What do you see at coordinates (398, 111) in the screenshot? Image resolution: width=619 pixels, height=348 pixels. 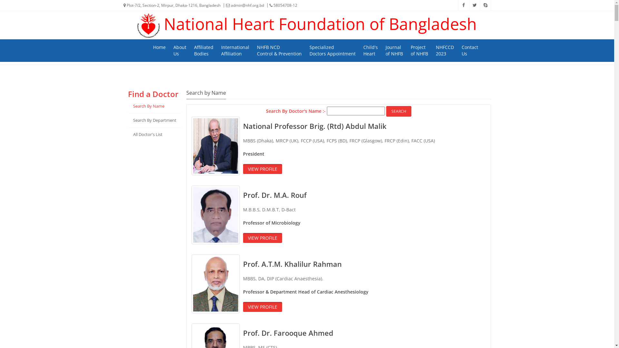 I see `'Search'` at bounding box center [398, 111].